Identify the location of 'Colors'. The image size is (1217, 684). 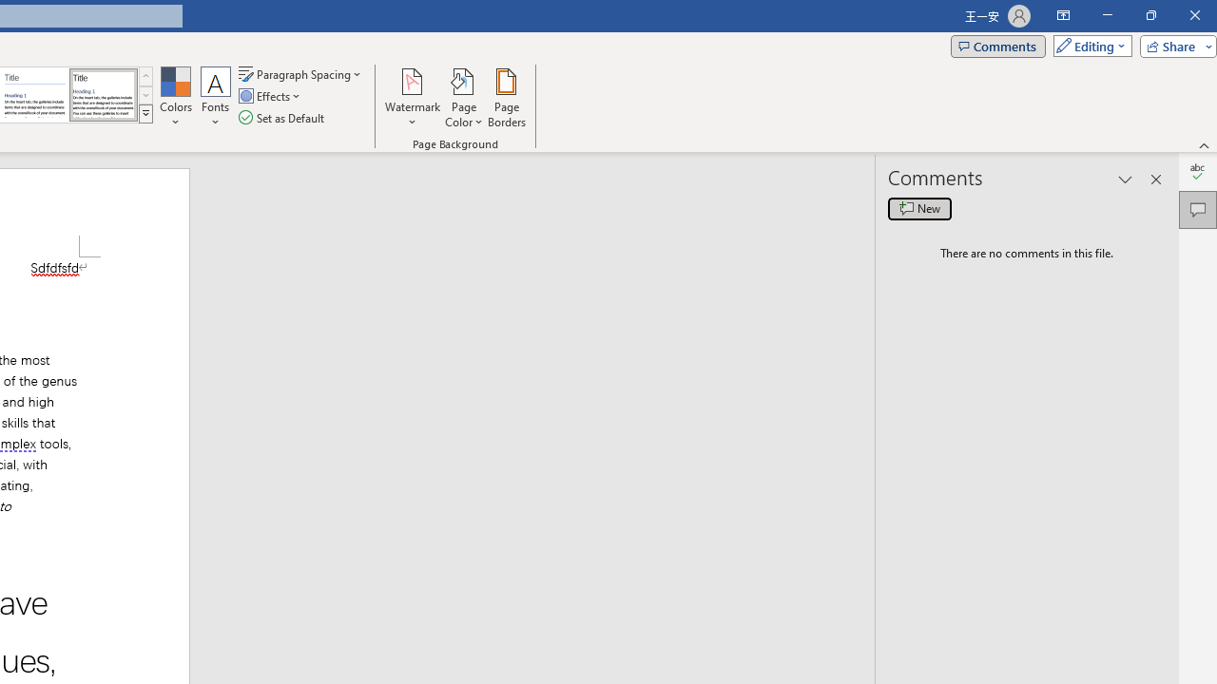
(175, 98).